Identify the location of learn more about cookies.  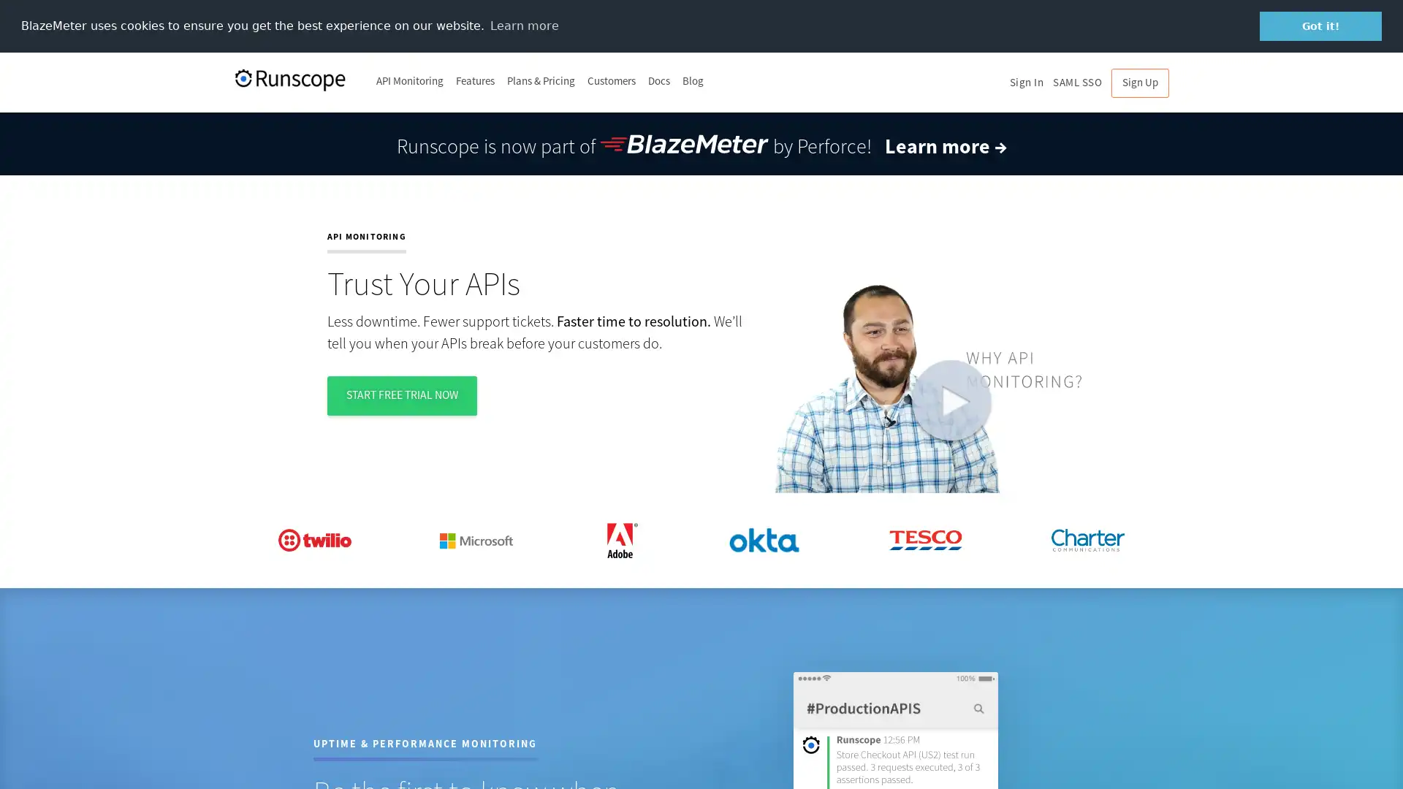
(524, 25).